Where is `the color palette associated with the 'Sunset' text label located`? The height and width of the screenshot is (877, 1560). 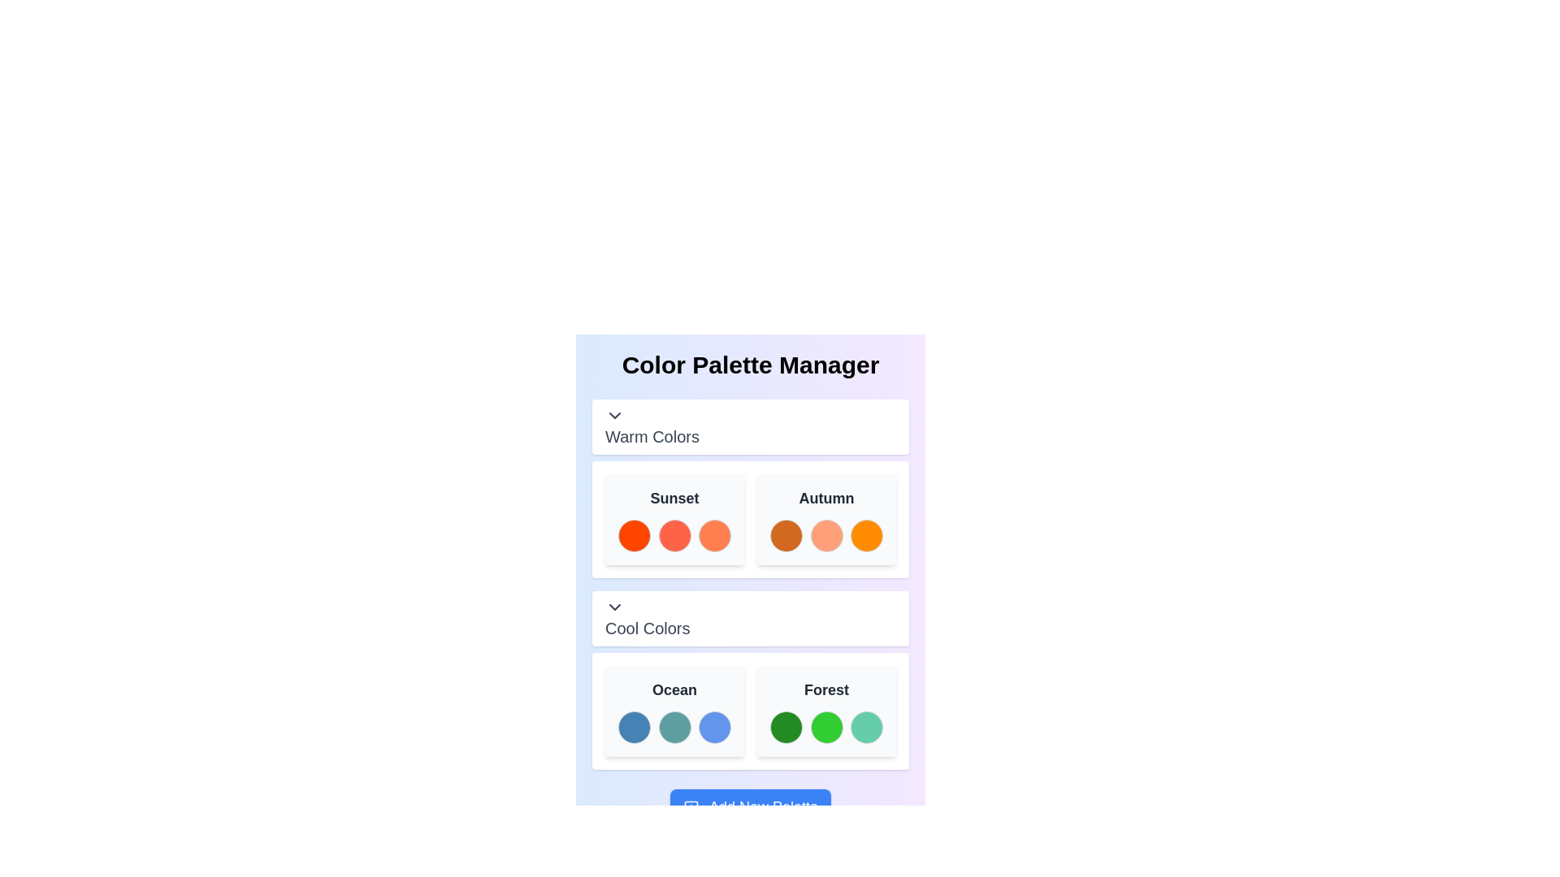
the color palette associated with the 'Sunset' text label located is located at coordinates (674, 497).